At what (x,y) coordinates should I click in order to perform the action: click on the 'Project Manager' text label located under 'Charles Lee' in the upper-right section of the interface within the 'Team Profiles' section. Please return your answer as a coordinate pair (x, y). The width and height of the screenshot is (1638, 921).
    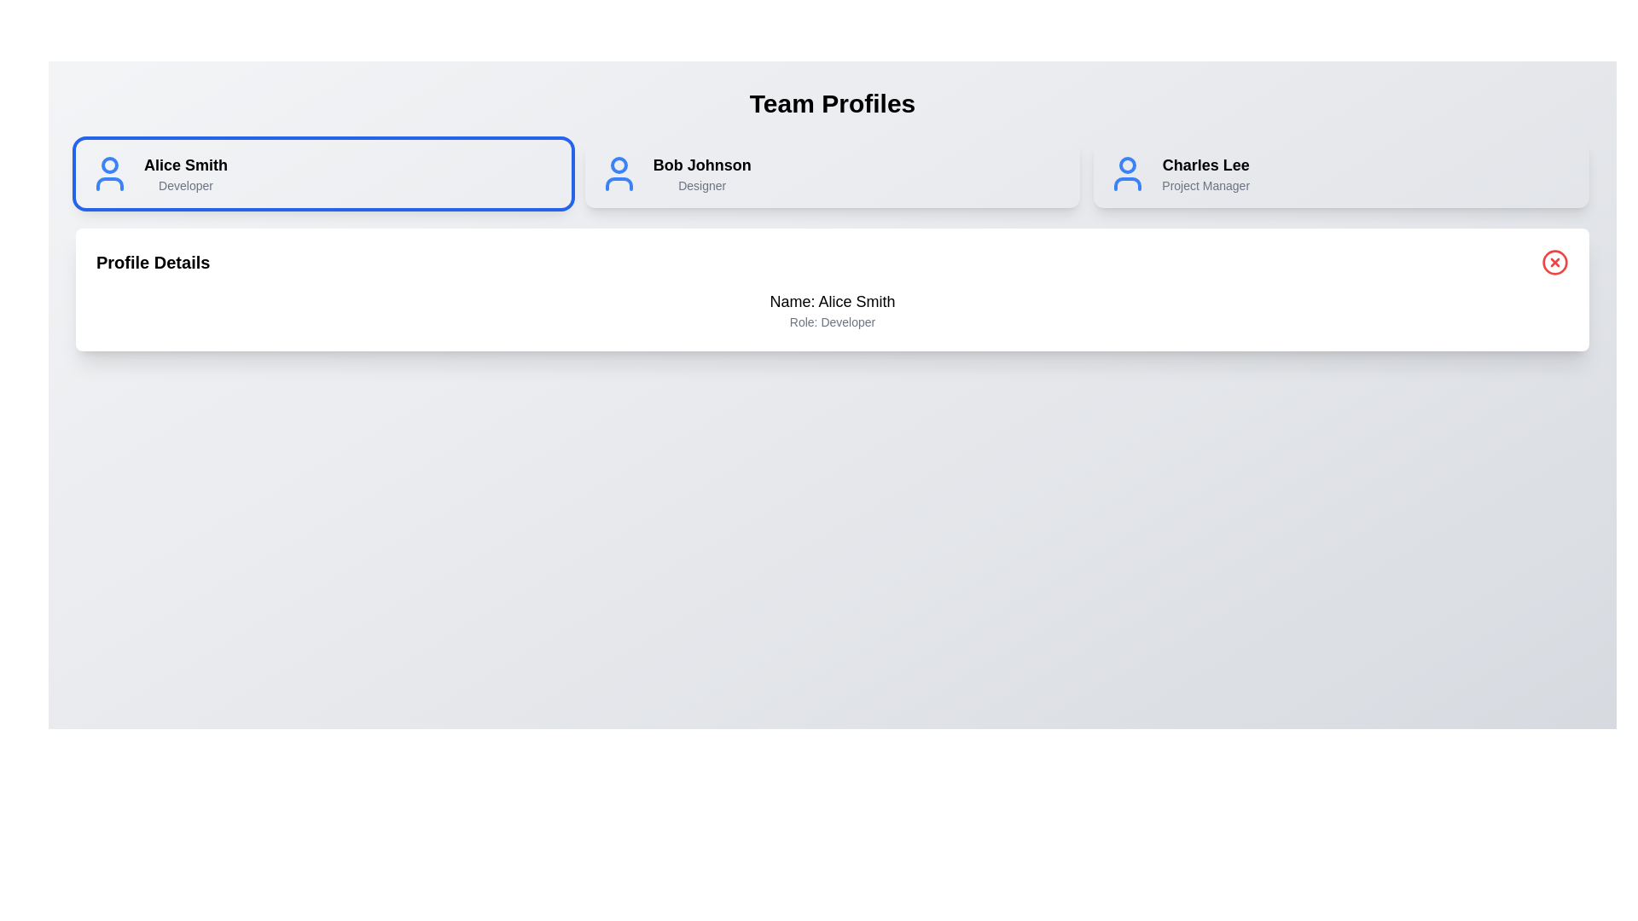
    Looking at the image, I should click on (1205, 186).